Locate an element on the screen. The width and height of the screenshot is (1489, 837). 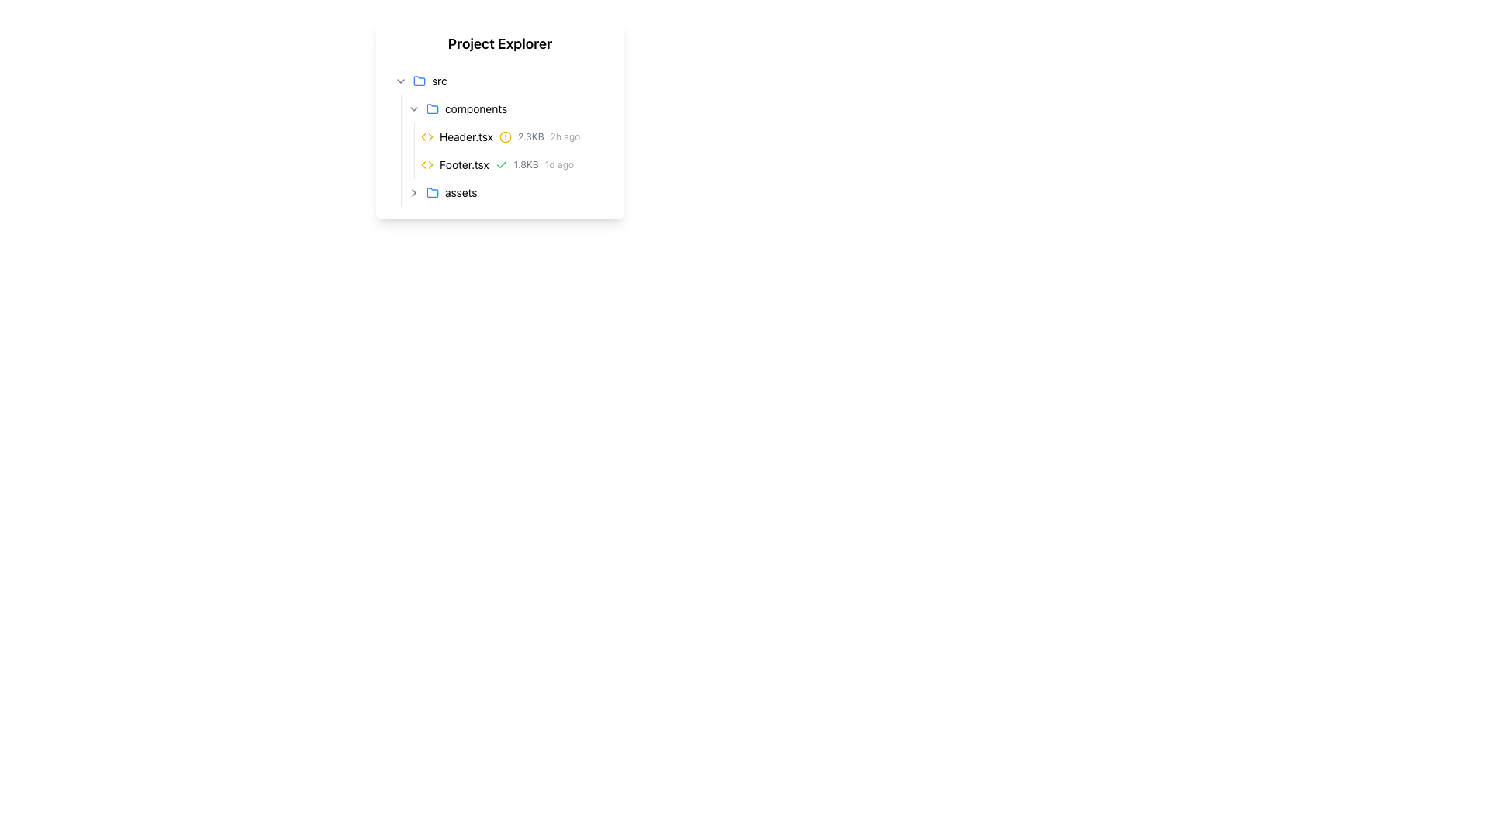
the 'src' folder item in the project explorer panel is located at coordinates (499, 81).